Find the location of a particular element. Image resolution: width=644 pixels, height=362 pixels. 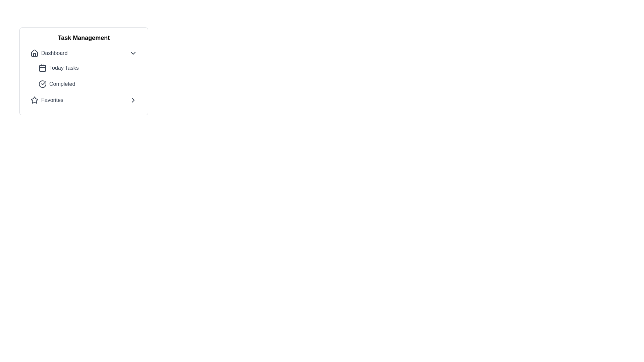

the navigational button at the top of the 'Task Management' card to activate its hover styles is located at coordinates (83, 53).